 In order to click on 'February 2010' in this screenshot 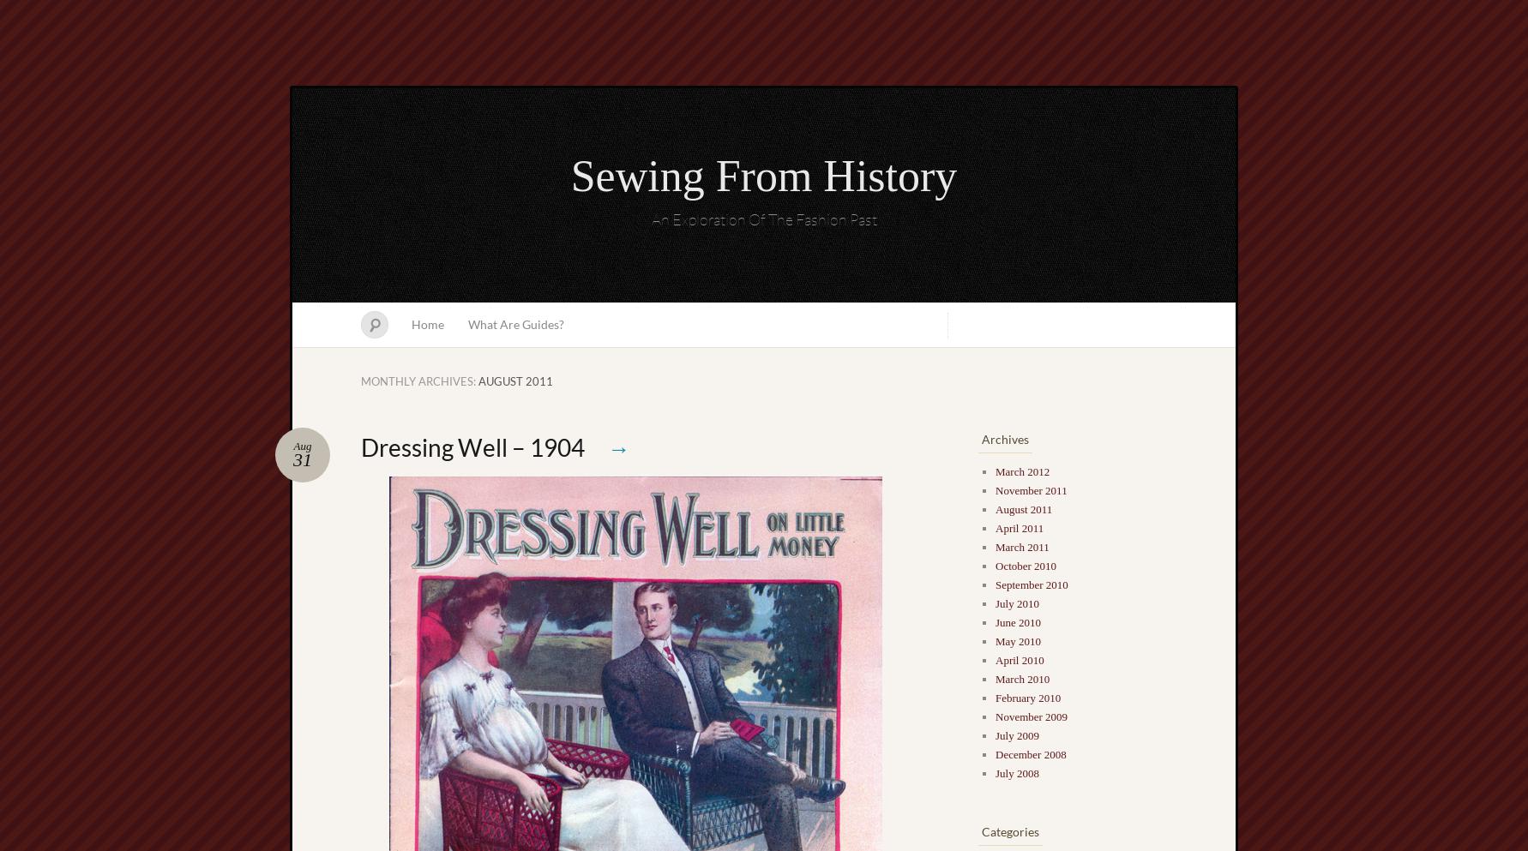, I will do `click(1026, 698)`.